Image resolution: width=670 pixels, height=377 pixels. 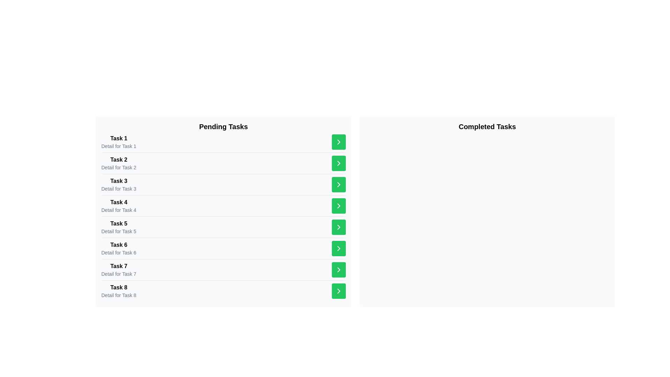 What do you see at coordinates (338, 227) in the screenshot?
I see `the Chevron icon embedded within the circular button` at bounding box center [338, 227].